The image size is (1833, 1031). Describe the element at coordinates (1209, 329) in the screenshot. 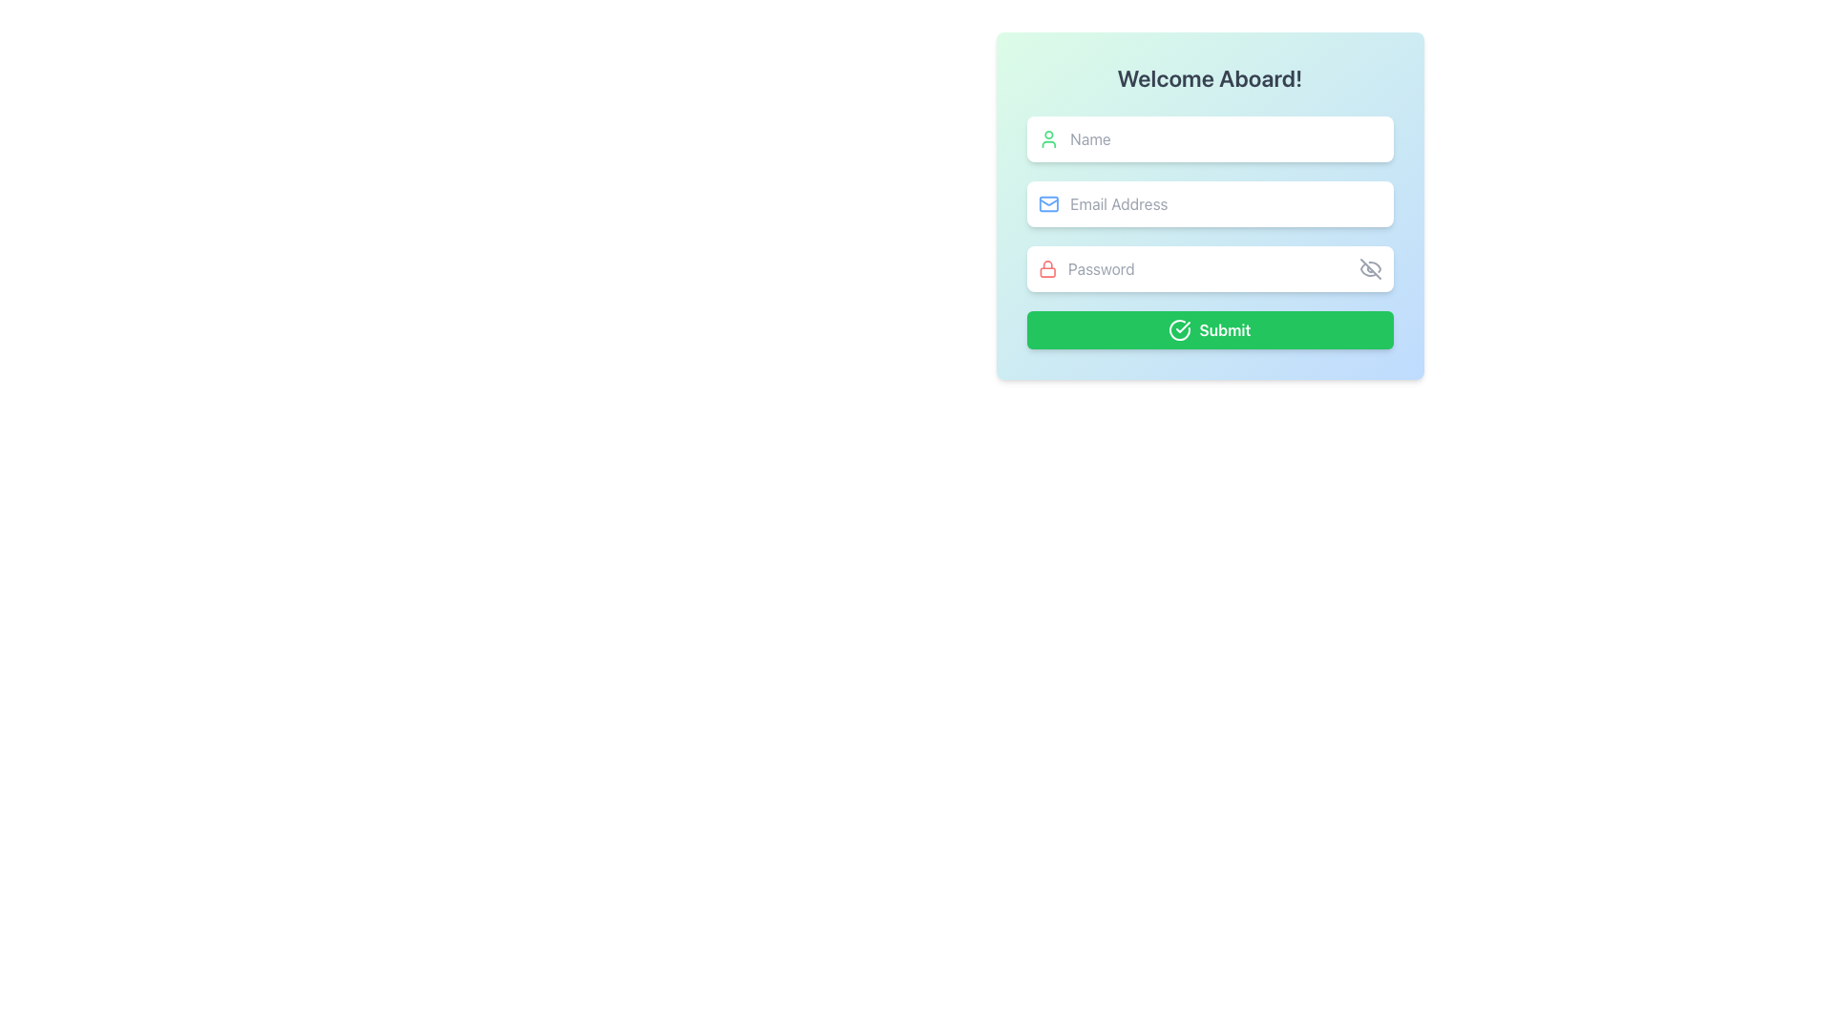

I see `the submission button located at the bottom of the form, which triggers form validation and submission` at that location.